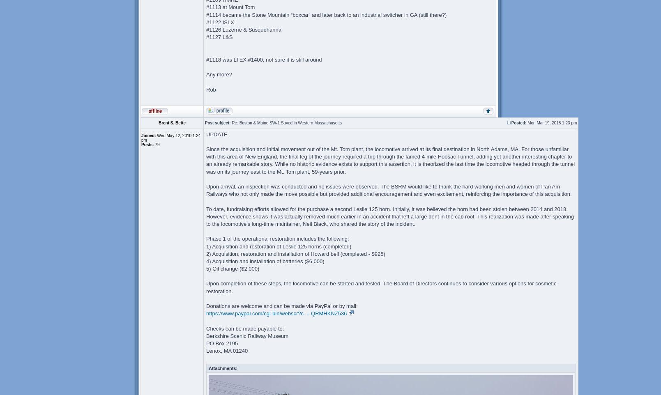 The image size is (661, 395). Describe the element at coordinates (233, 269) in the screenshot. I see `'5) Oil change ($2,000)'` at that location.